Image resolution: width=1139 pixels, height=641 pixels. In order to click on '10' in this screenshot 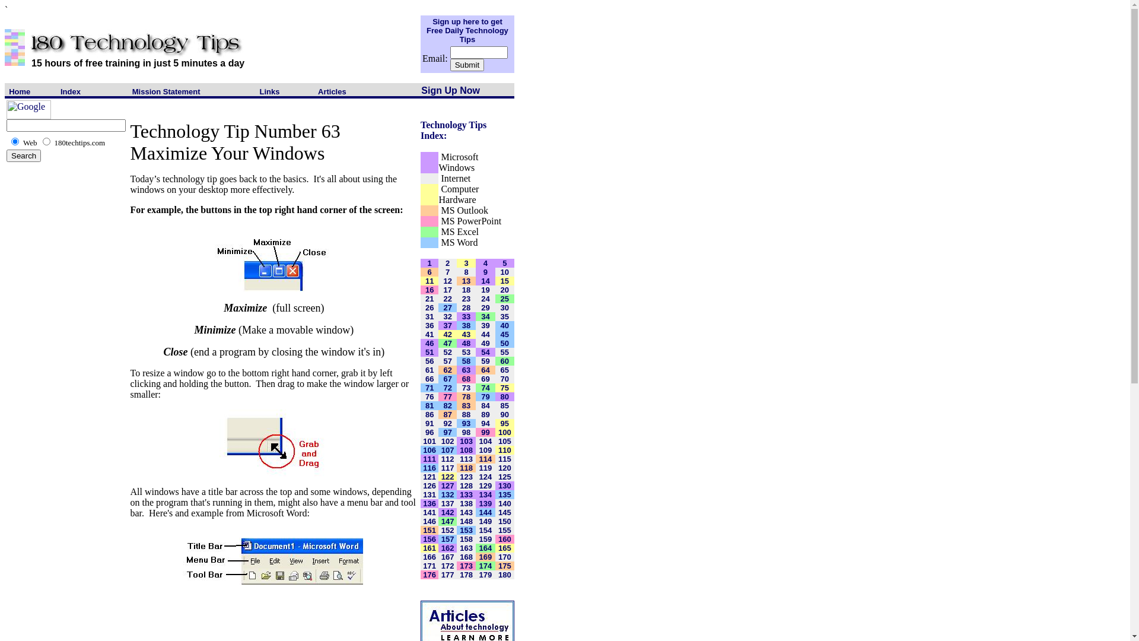, I will do `click(504, 272)`.